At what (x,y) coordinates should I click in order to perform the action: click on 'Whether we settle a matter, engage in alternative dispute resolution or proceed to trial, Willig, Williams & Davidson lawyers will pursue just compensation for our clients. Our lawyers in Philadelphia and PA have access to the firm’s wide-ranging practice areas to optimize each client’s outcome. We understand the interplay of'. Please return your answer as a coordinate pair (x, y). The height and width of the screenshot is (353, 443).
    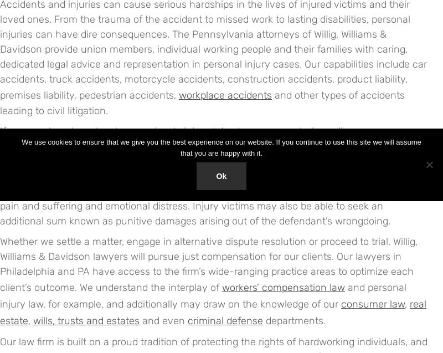
    Looking at the image, I should click on (208, 264).